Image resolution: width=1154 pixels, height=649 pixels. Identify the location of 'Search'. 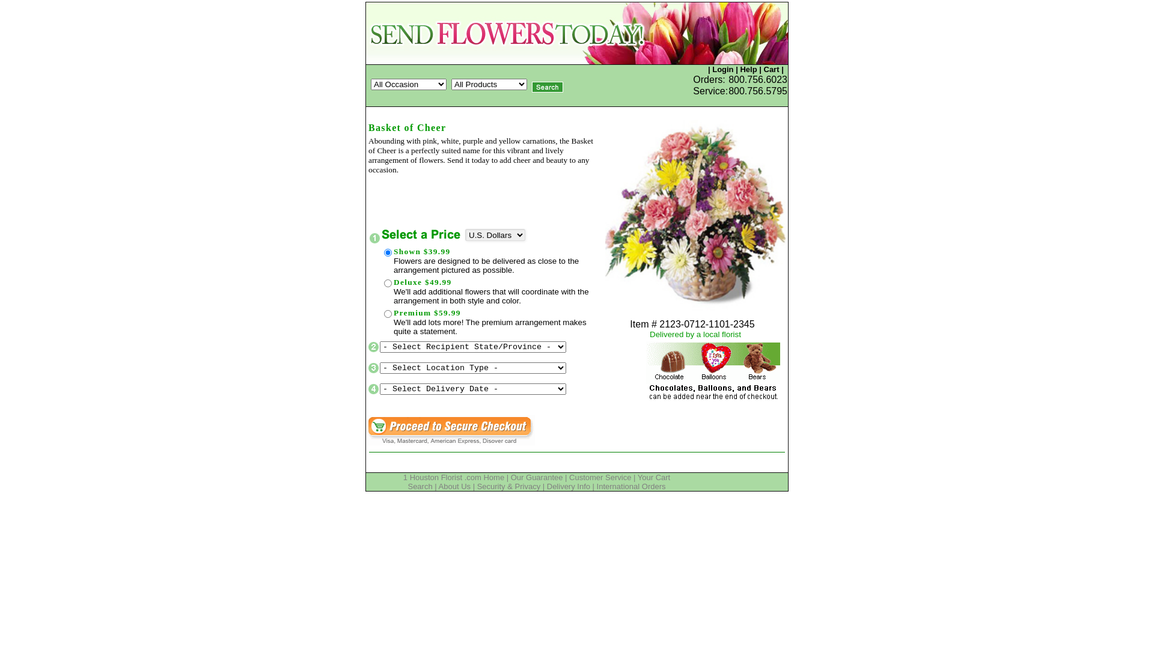
(420, 486).